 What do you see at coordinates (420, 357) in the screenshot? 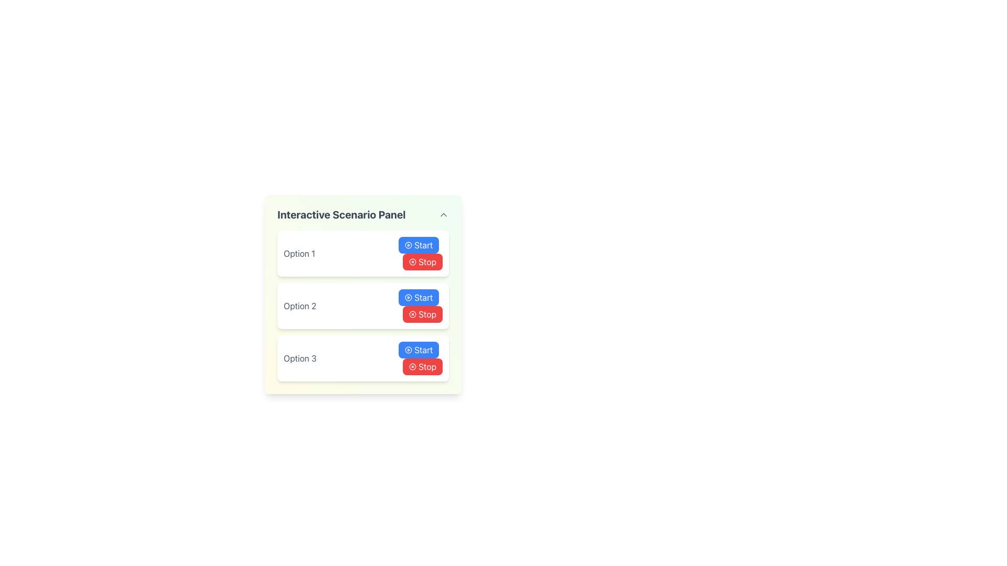
I see `the blue 'Start' button located in the third group labeled 'Option 3' in the 'Interactive Scenario Panel'` at bounding box center [420, 357].